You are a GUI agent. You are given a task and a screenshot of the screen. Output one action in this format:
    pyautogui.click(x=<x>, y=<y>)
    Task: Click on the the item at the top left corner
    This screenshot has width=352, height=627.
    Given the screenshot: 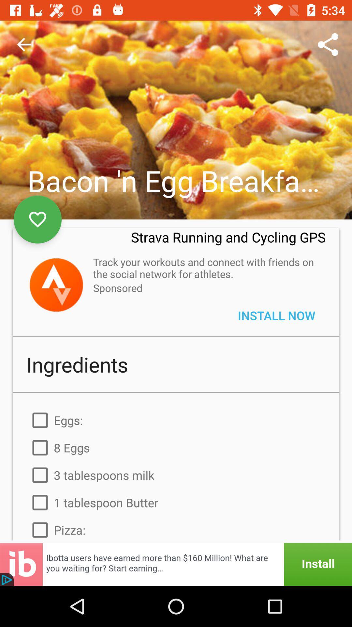 What is the action you would take?
    pyautogui.click(x=23, y=44)
    